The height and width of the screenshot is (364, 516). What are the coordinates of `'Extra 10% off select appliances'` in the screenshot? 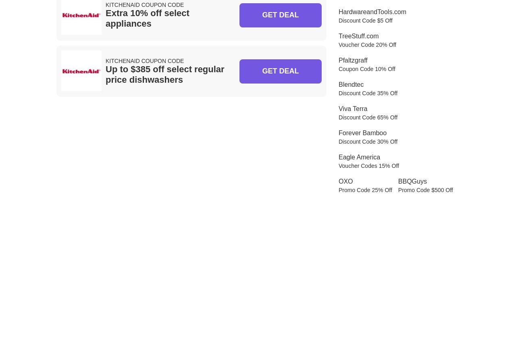 It's located at (105, 17).